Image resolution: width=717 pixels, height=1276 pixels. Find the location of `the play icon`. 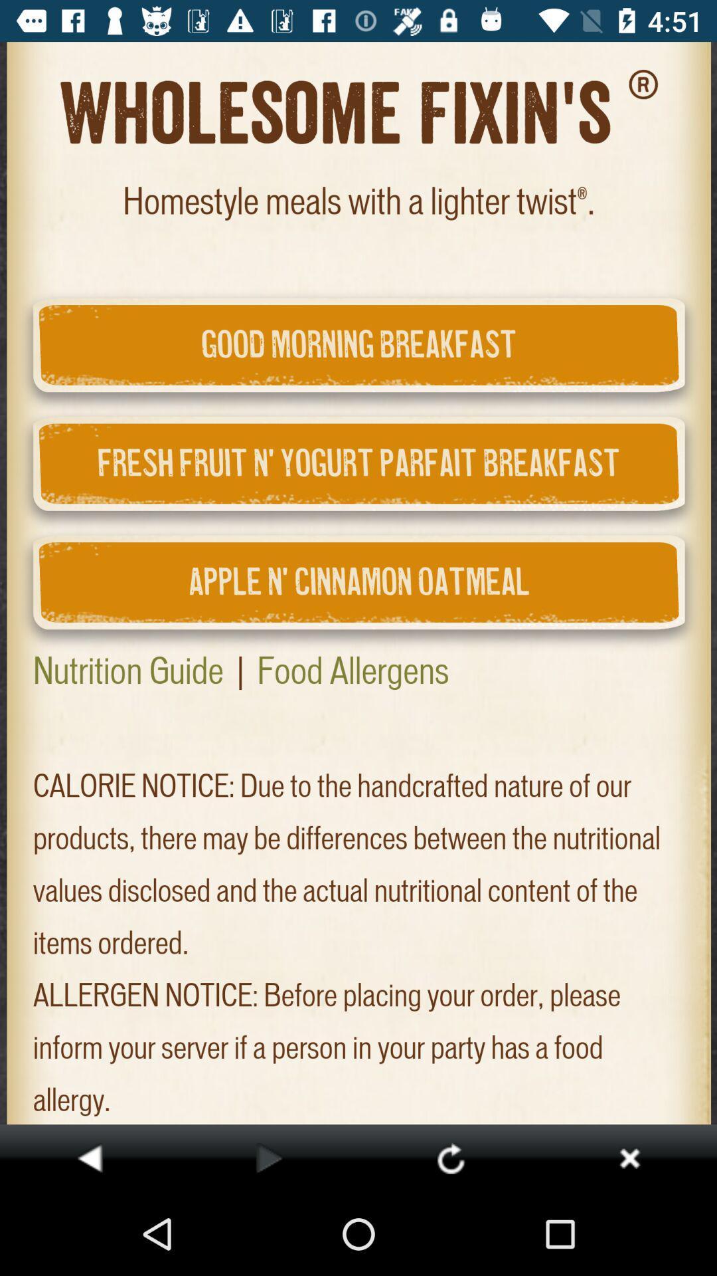

the play icon is located at coordinates (269, 1157).